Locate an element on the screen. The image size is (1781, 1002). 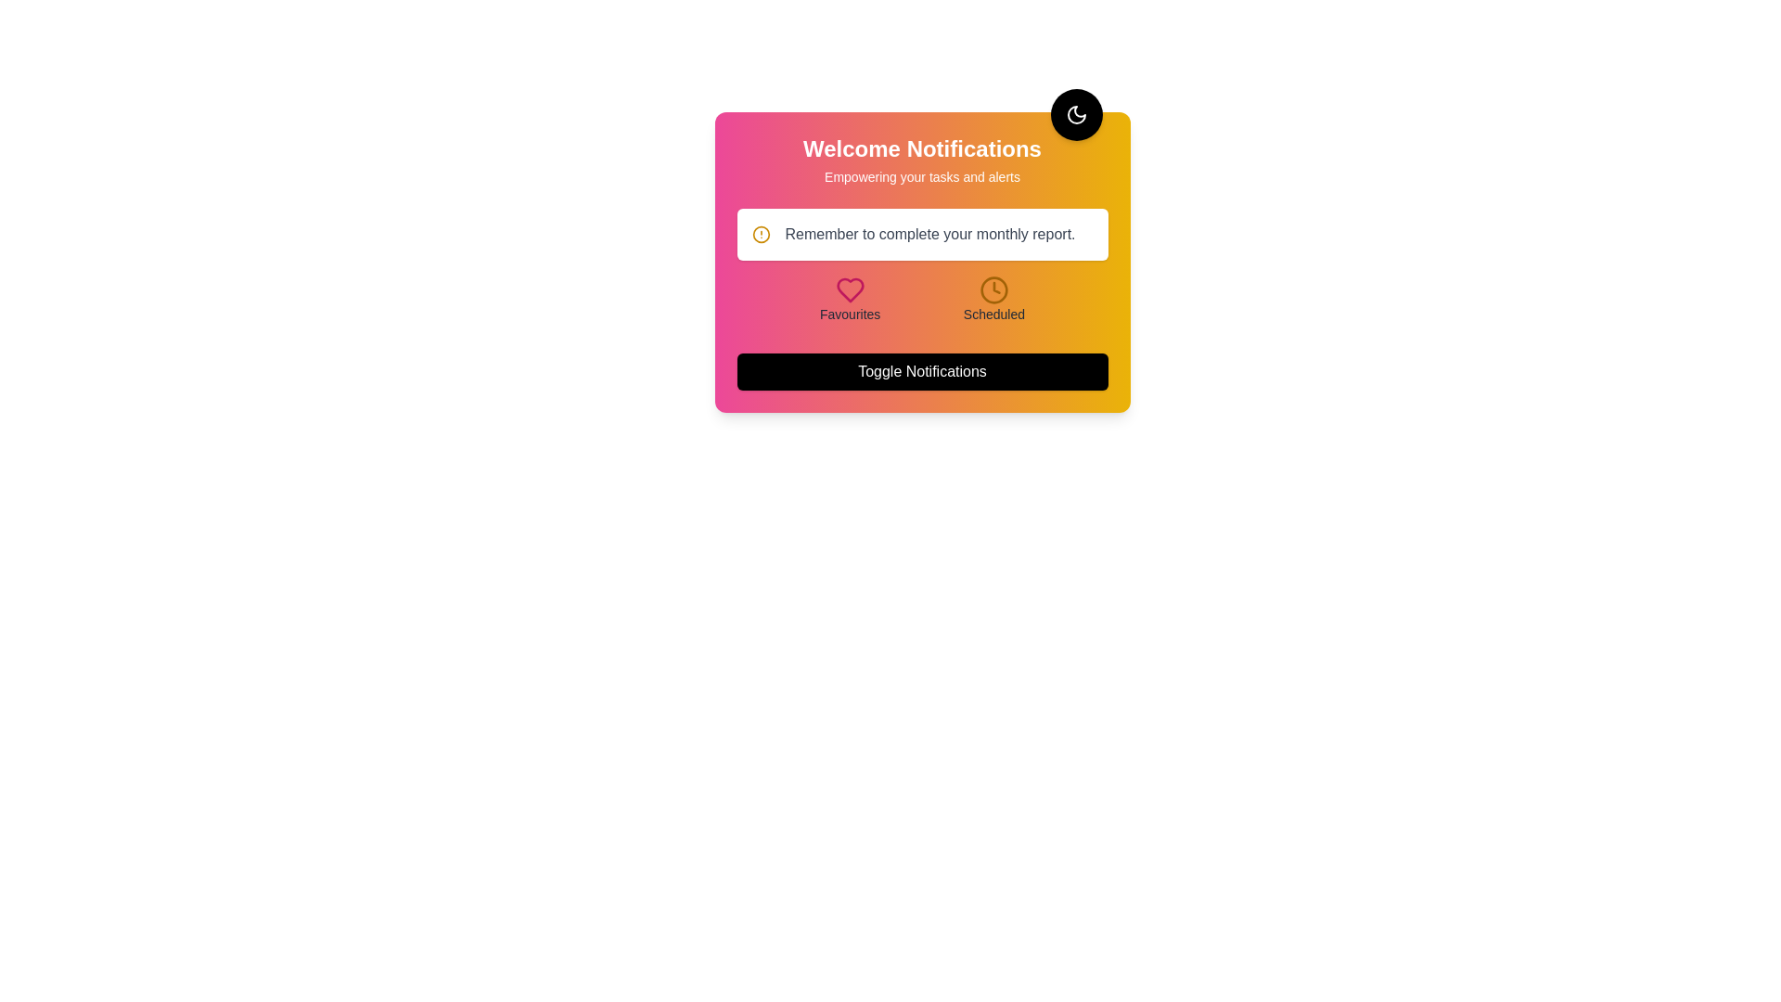
the label indicating 'Favorites' located below the heart-shaped icon in the 'Welcome Notifications' box is located at coordinates (849, 314).